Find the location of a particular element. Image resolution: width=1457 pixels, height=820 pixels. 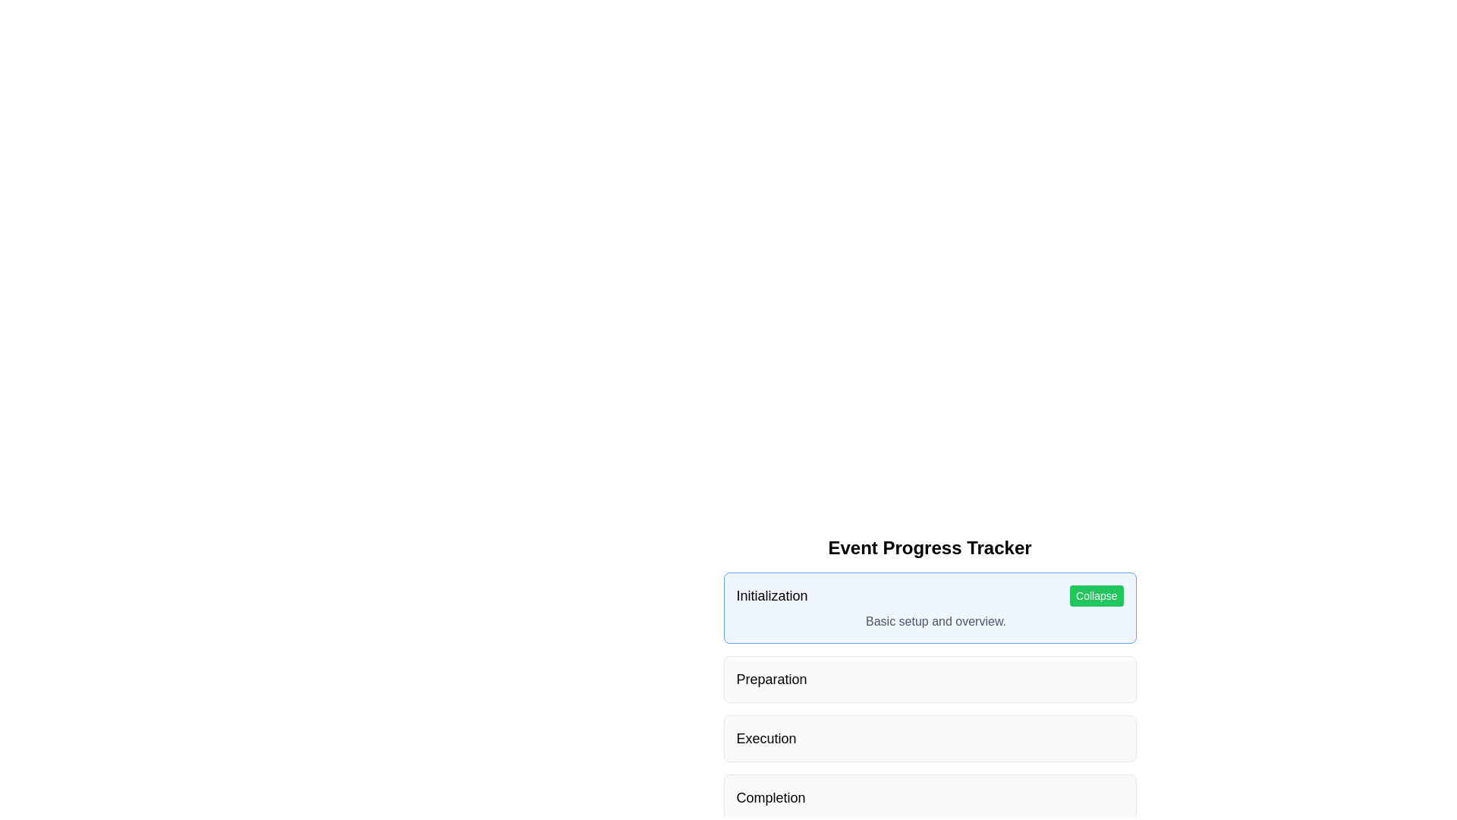

the 'Preparation' progress stage marker, which is the second element in a vertical list of progress stages, located between 'Initialization' and 'Execution.' is located at coordinates (929, 678).